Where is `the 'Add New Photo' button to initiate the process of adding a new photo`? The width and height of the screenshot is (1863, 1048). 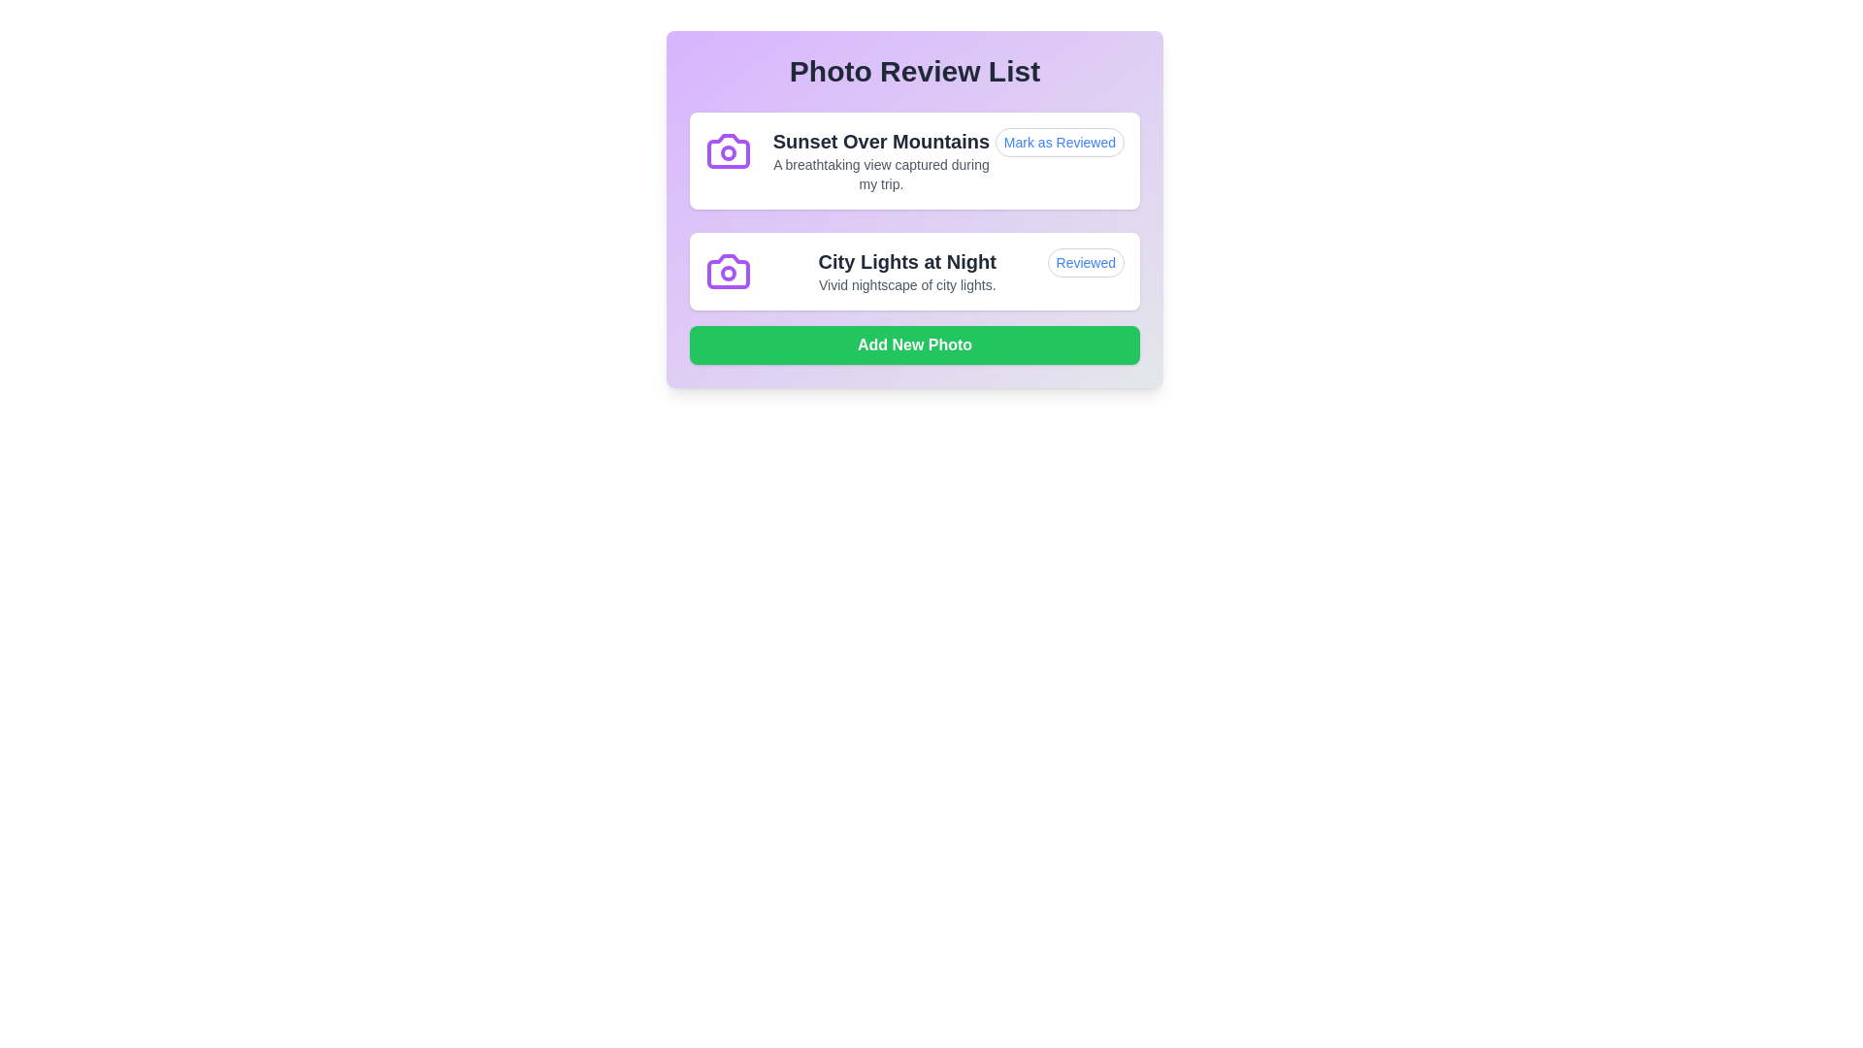 the 'Add New Photo' button to initiate the process of adding a new photo is located at coordinates (913, 344).